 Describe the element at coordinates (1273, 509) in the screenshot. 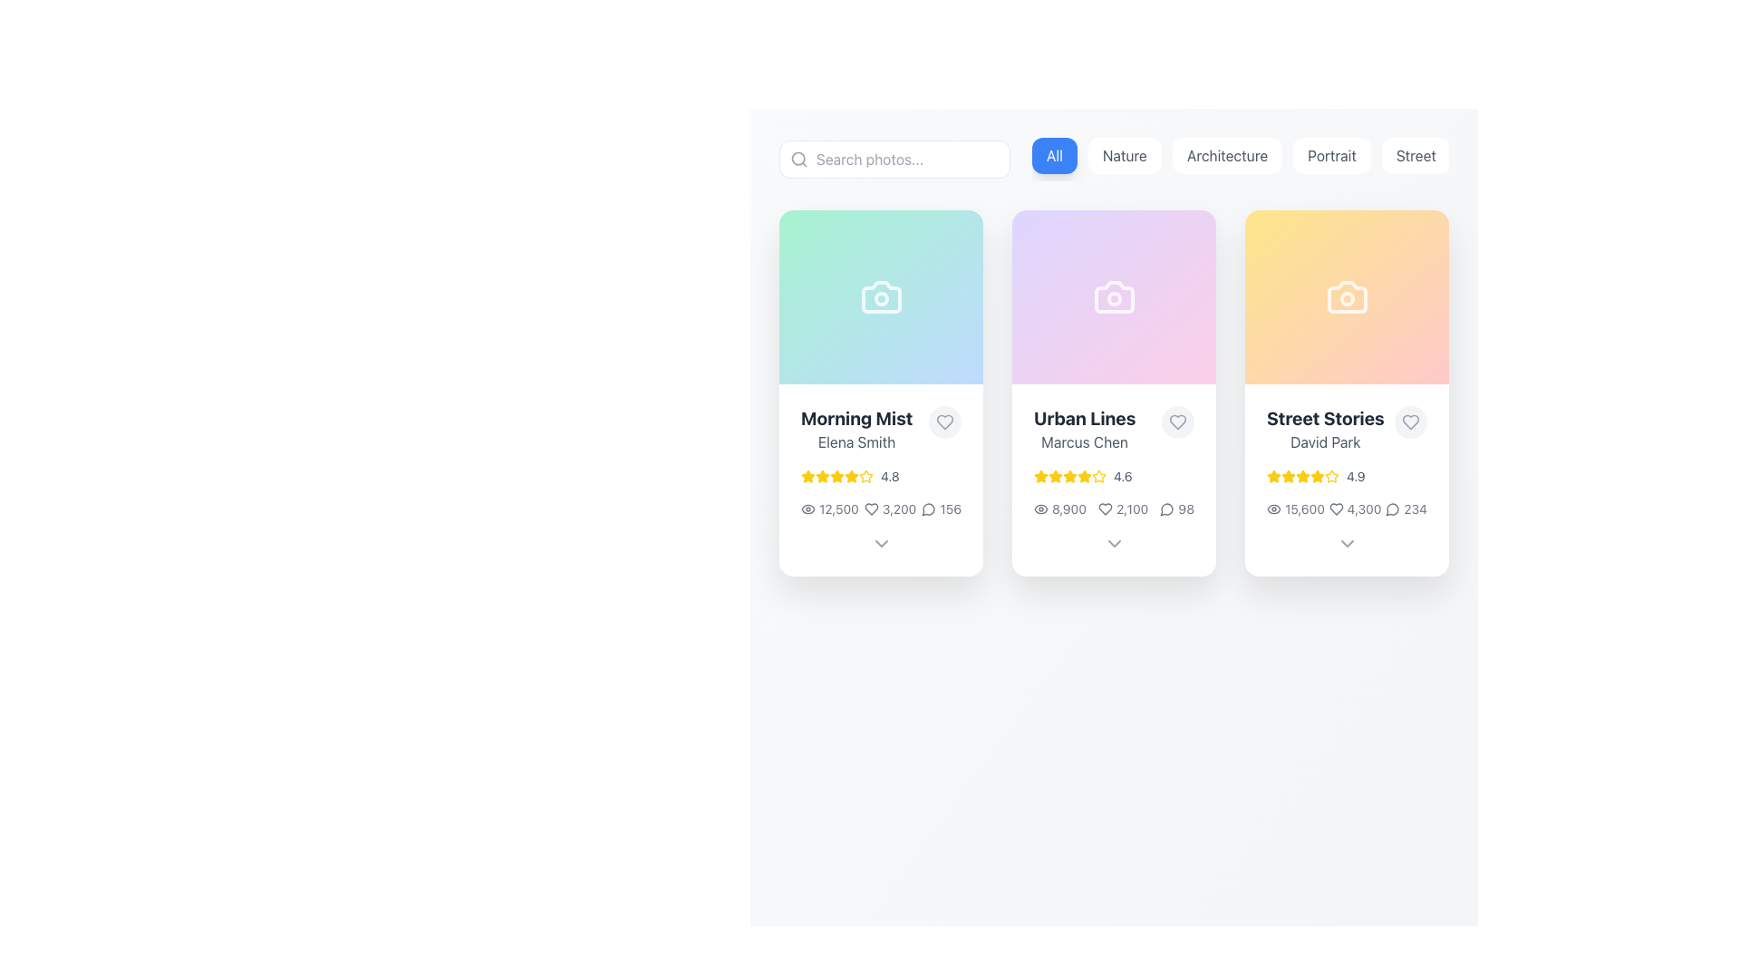

I see `the eye-shaped icon located to the left of the numerical text '15,600' in the footer section of the 'Street Stories' card` at that location.